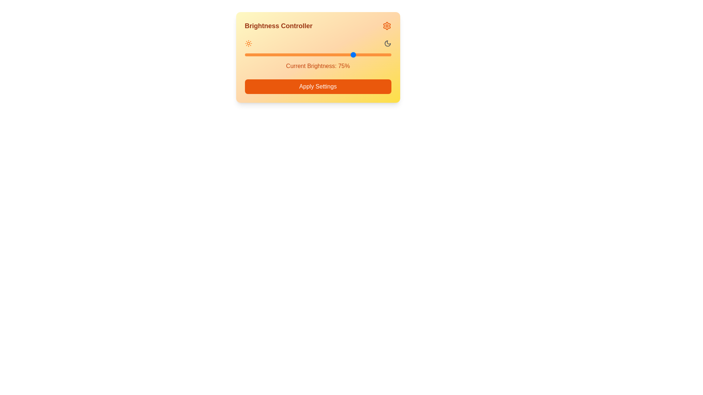  Describe the element at coordinates (386, 25) in the screenshot. I see `the 'Settings' icon to open its menu or settings page` at that location.